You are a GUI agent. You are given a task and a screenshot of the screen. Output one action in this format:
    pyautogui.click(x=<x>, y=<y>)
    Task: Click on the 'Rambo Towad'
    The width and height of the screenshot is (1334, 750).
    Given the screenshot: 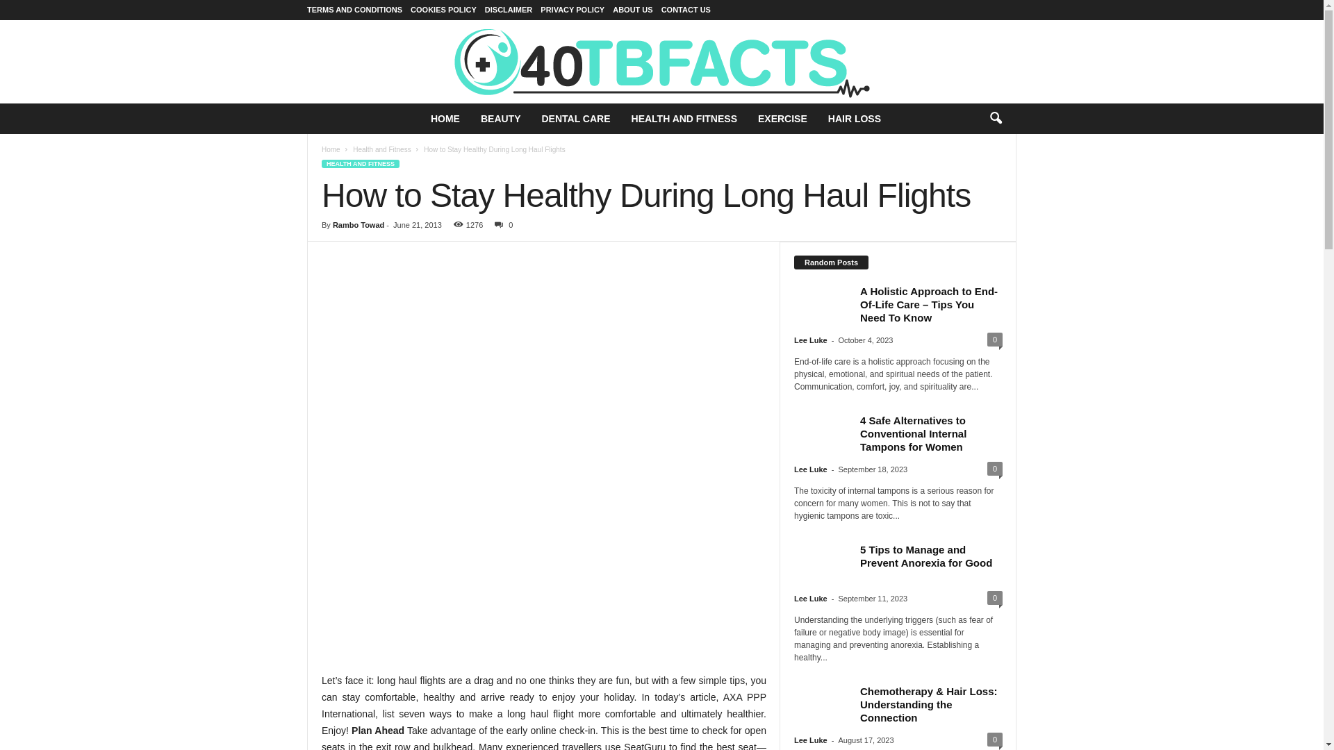 What is the action you would take?
    pyautogui.click(x=358, y=224)
    